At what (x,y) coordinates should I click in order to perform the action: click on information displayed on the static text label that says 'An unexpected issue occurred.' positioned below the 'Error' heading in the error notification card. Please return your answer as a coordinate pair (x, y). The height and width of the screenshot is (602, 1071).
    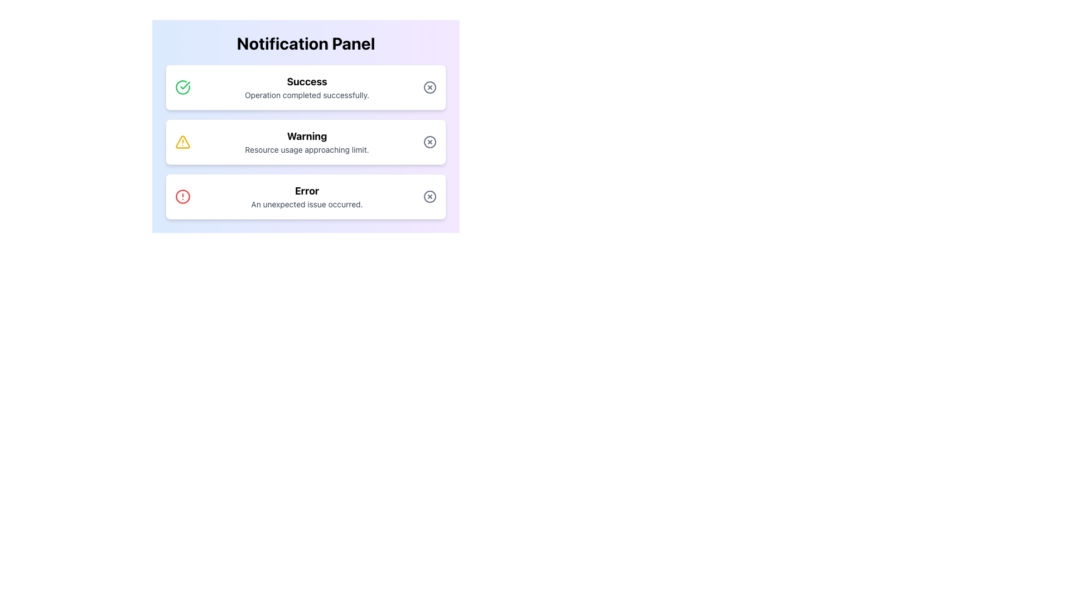
    Looking at the image, I should click on (307, 204).